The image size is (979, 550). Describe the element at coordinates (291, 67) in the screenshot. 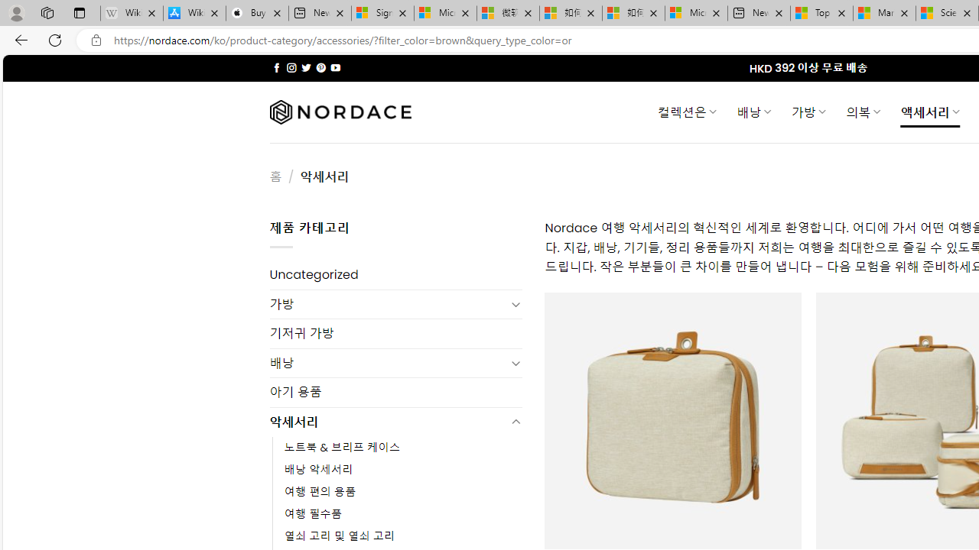

I see `'Follow on Instagram'` at that location.